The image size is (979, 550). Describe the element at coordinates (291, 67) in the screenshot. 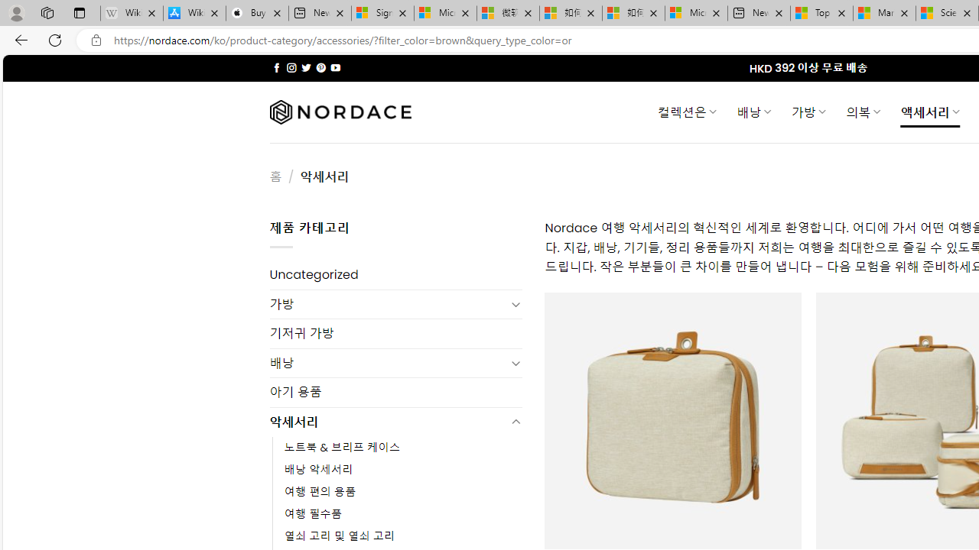

I see `'Follow on Instagram'` at that location.